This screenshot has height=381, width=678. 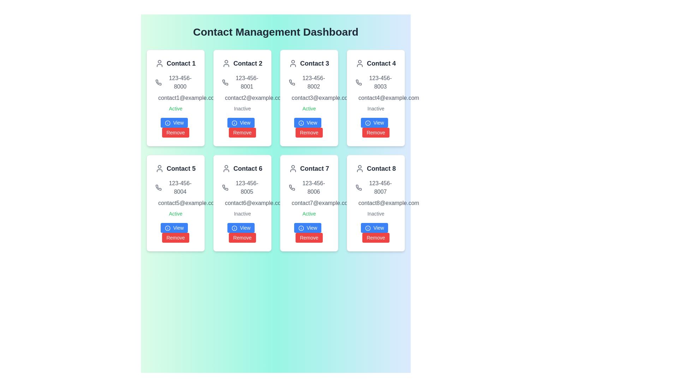 What do you see at coordinates (176, 232) in the screenshot?
I see `the red 'Remove' button located at the bottom of the Compound button group within the 'Contact 5' card` at bounding box center [176, 232].